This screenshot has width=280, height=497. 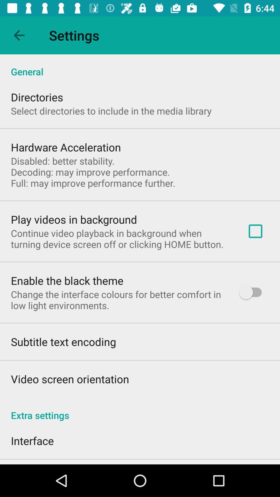 I want to click on the icon above play videos in icon, so click(x=93, y=172).